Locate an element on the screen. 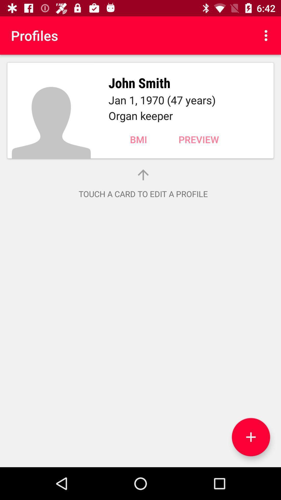 This screenshot has height=500, width=281. the bmi item is located at coordinates (138, 139).